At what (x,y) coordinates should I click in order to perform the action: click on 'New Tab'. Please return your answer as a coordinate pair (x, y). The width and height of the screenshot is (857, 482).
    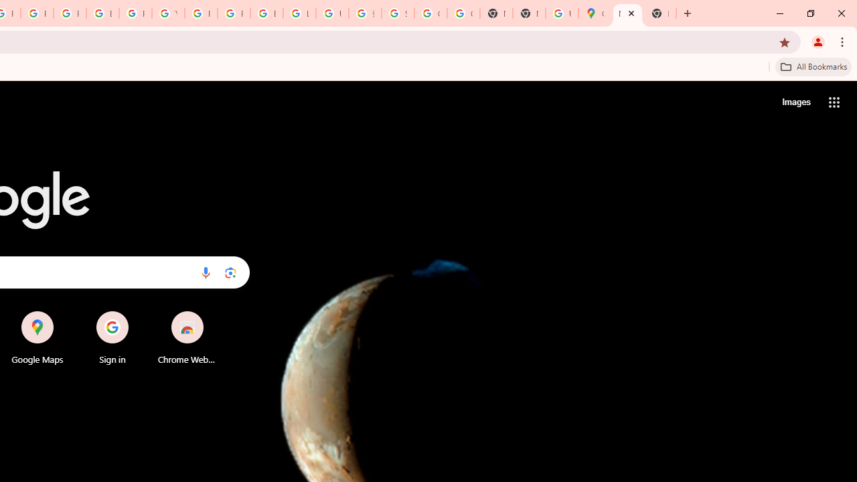
    Looking at the image, I should click on (660, 13).